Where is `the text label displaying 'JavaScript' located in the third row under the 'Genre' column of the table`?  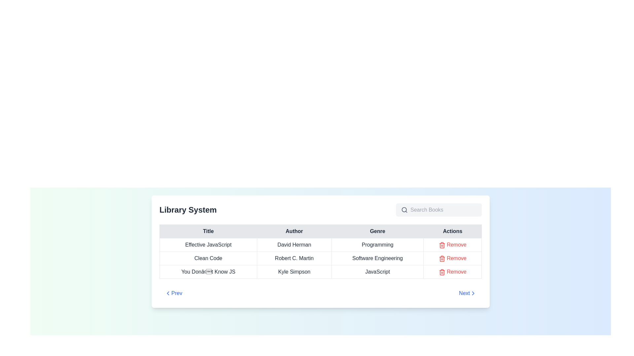
the text label displaying 'JavaScript' located in the third row under the 'Genre' column of the table is located at coordinates (377, 272).